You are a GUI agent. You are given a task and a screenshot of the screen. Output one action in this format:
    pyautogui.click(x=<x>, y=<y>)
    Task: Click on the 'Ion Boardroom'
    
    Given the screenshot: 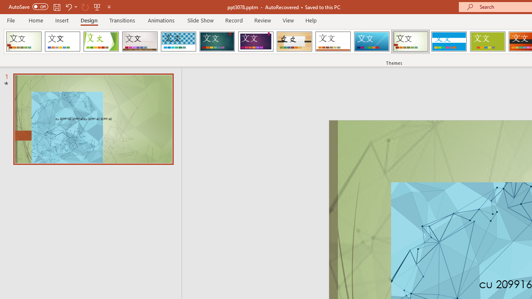 What is the action you would take?
    pyautogui.click(x=255, y=42)
    